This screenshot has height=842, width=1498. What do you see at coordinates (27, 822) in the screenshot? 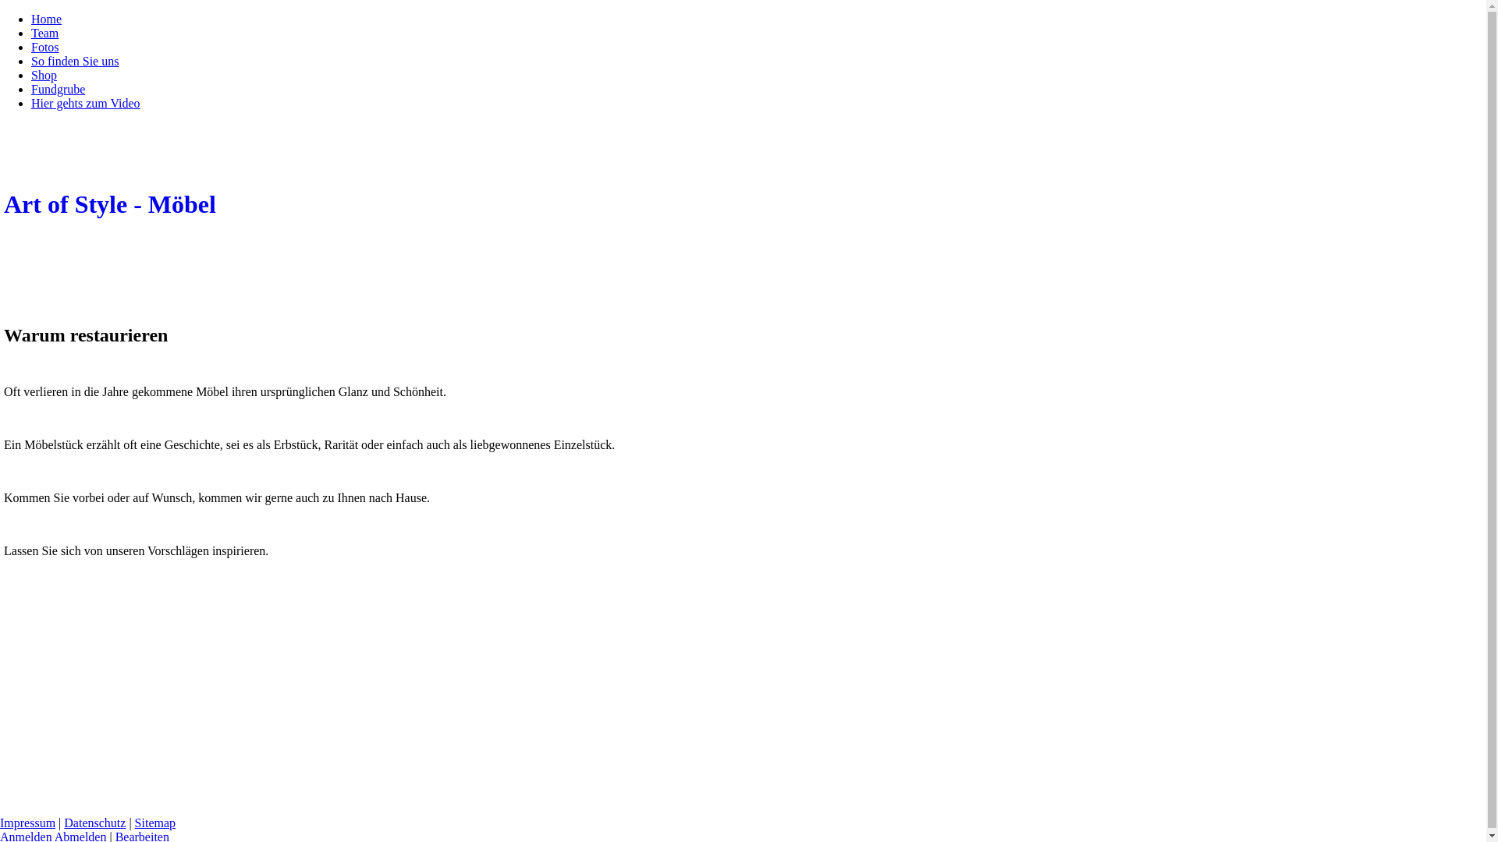
I see `'Impressum'` at bounding box center [27, 822].